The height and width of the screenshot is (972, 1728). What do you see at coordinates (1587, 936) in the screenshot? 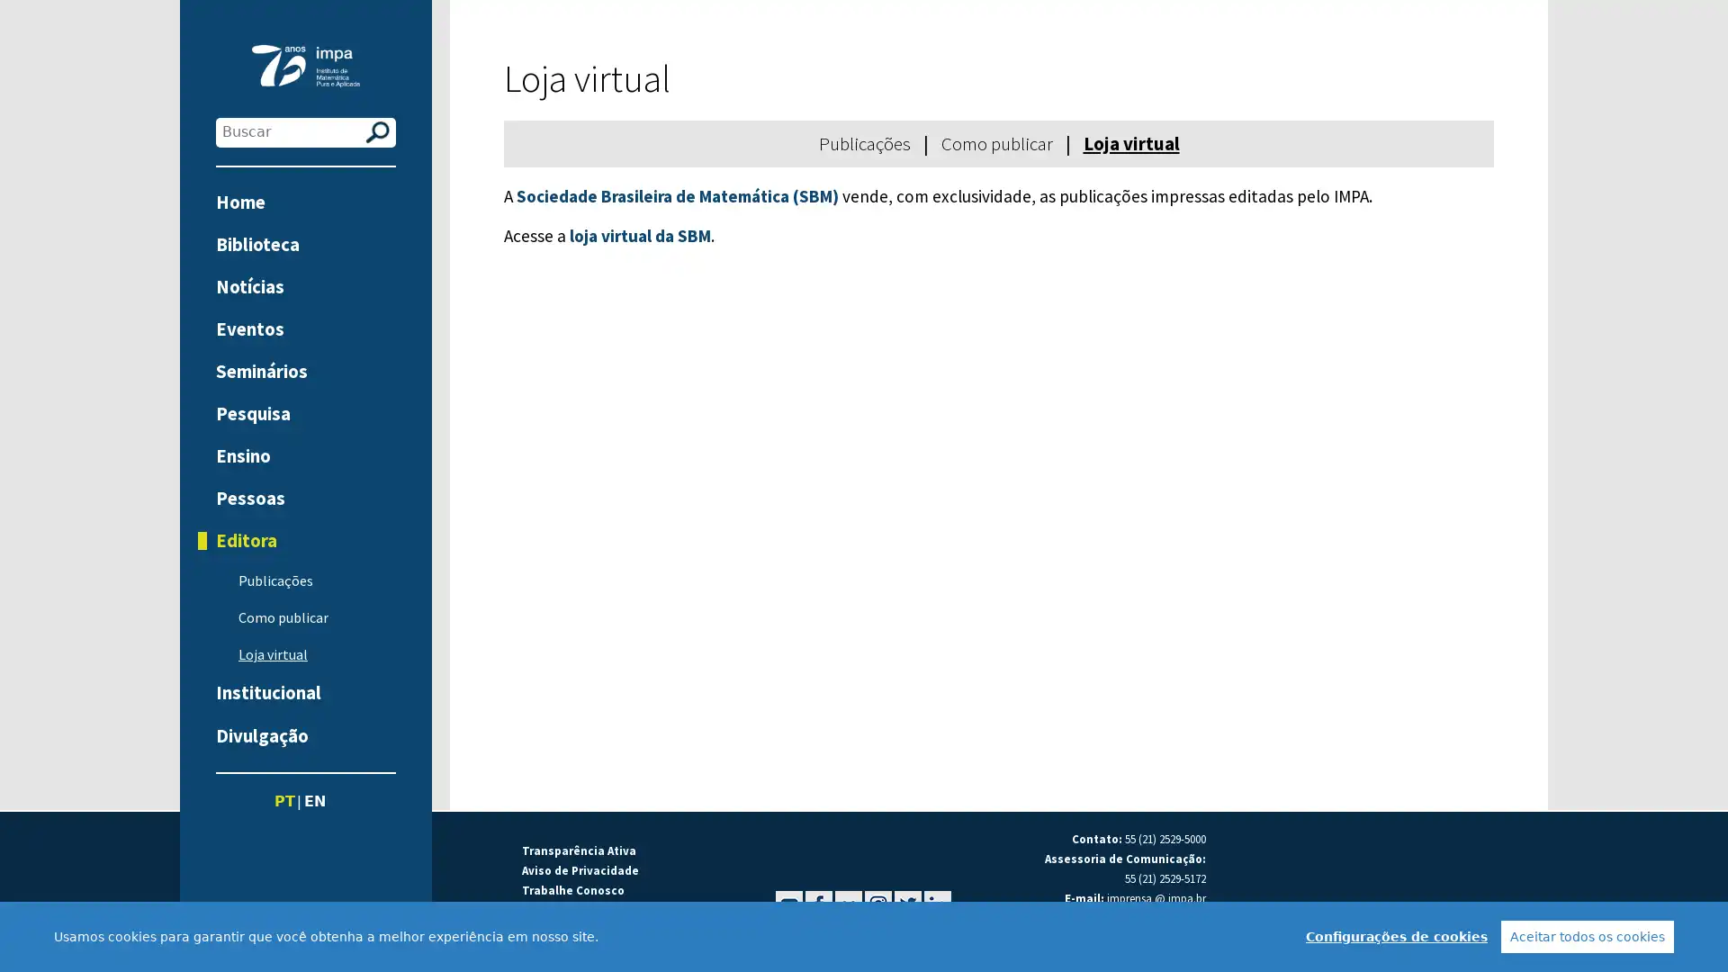
I see `Aceitar todos os cookies` at bounding box center [1587, 936].